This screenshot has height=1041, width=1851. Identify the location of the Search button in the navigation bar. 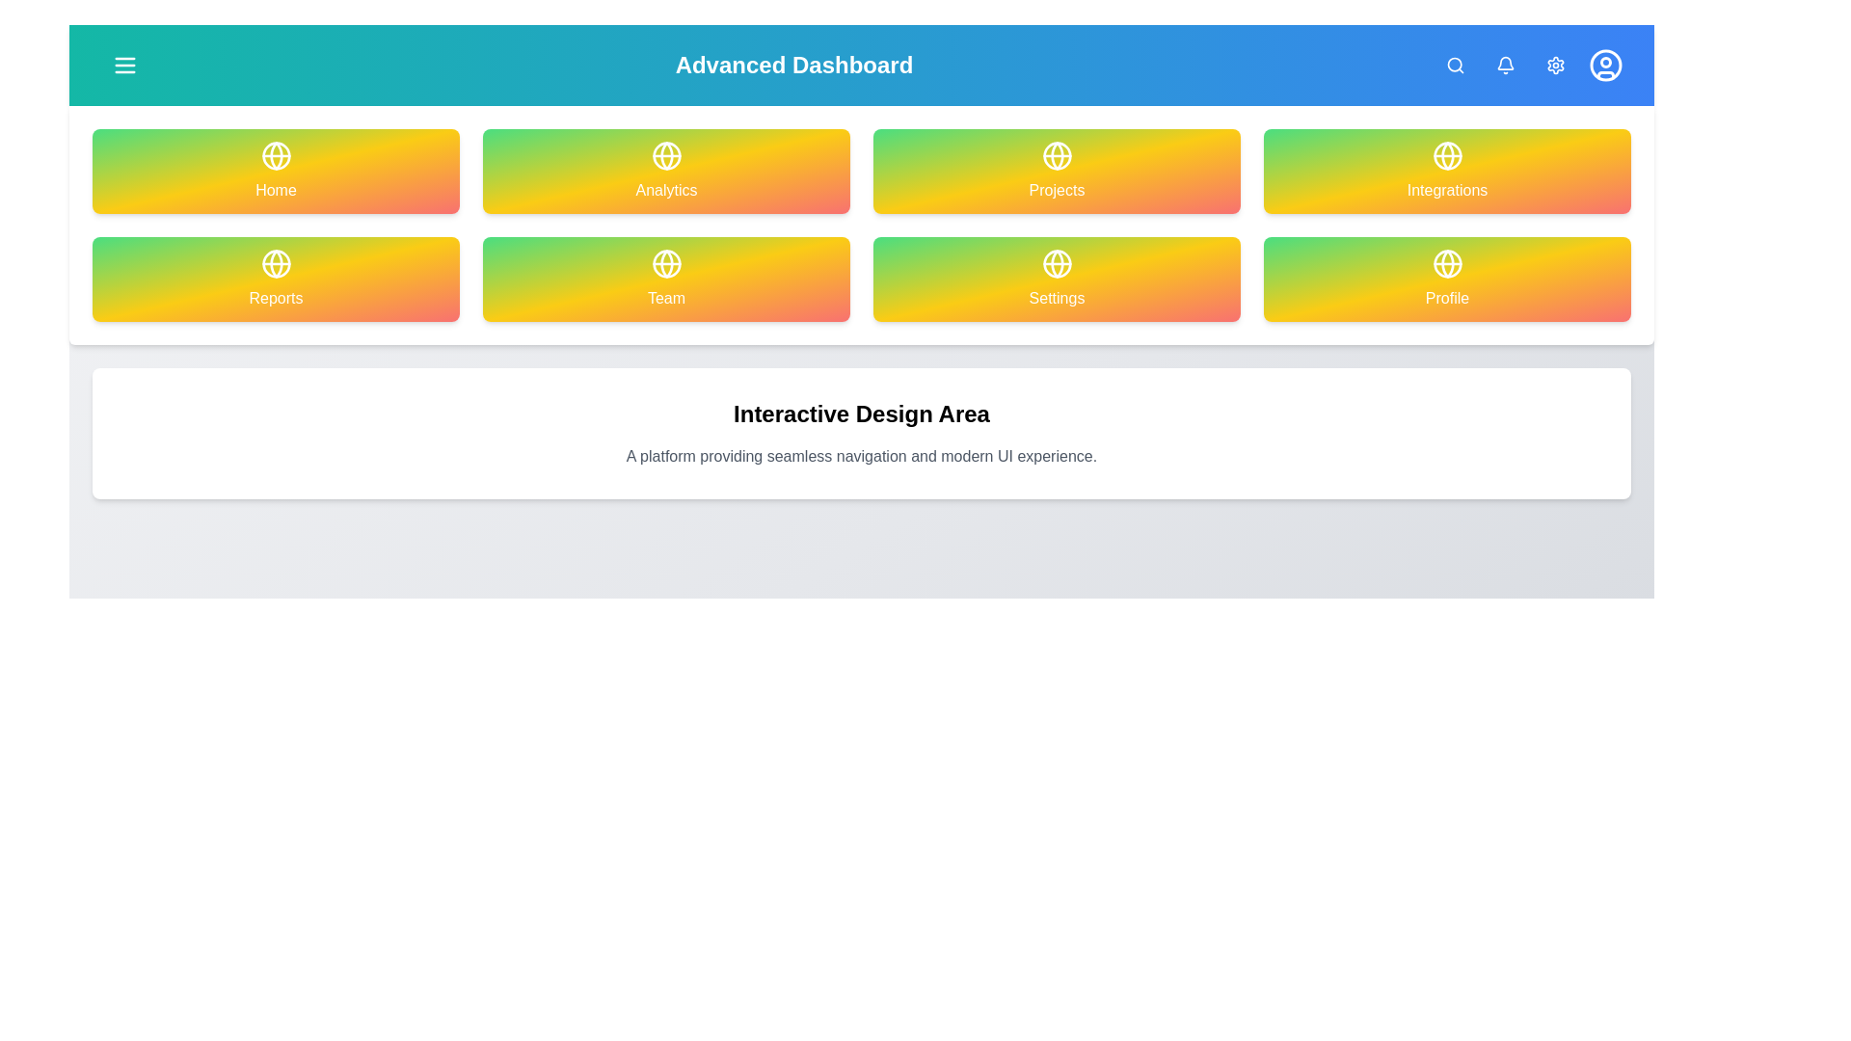
(1455, 65).